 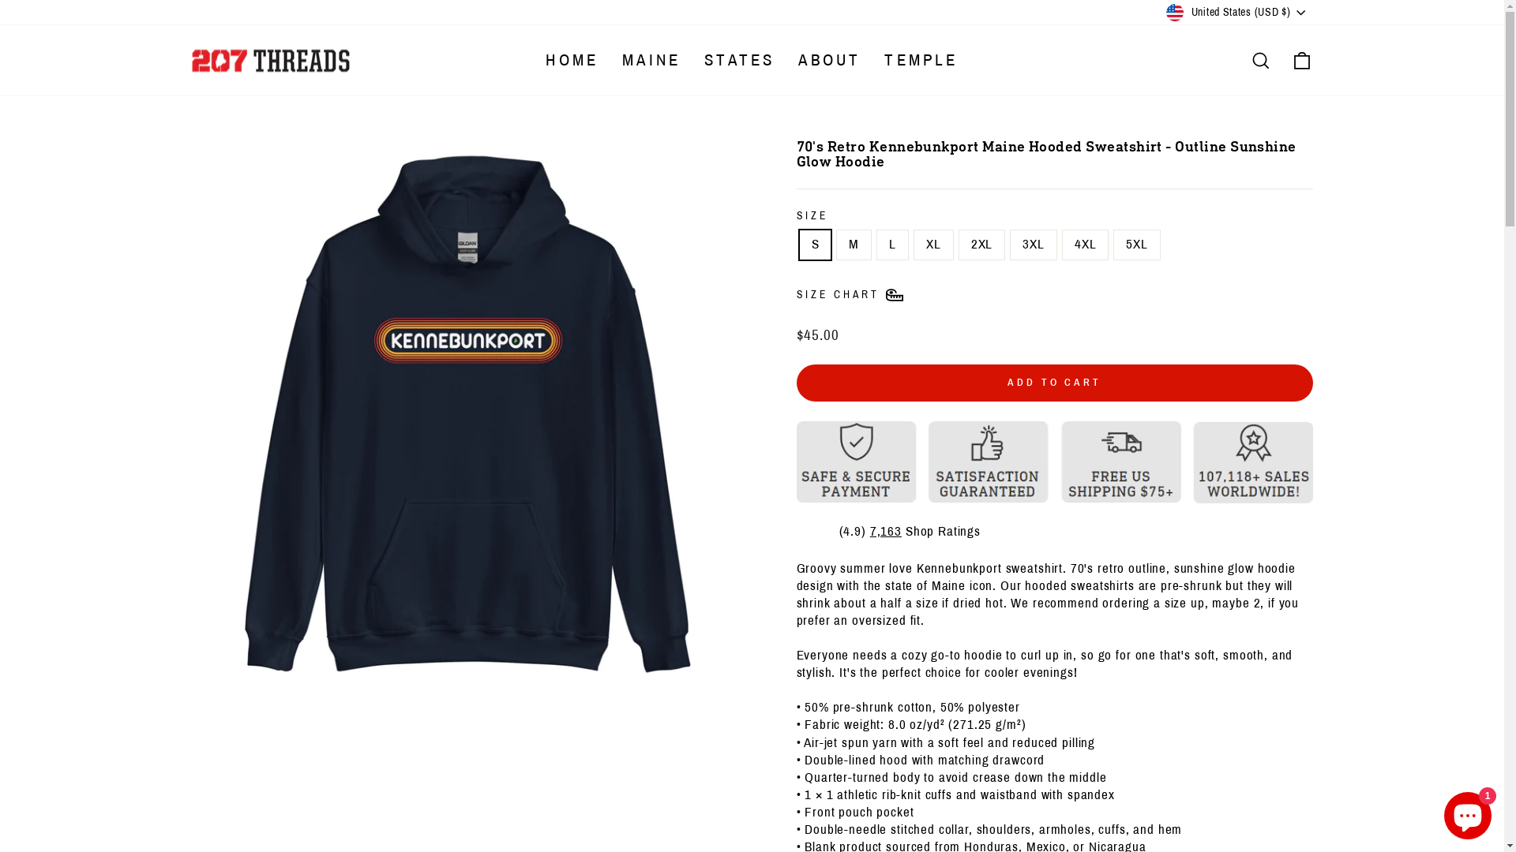 What do you see at coordinates (1259, 59) in the screenshot?
I see `'SEARCH'` at bounding box center [1259, 59].